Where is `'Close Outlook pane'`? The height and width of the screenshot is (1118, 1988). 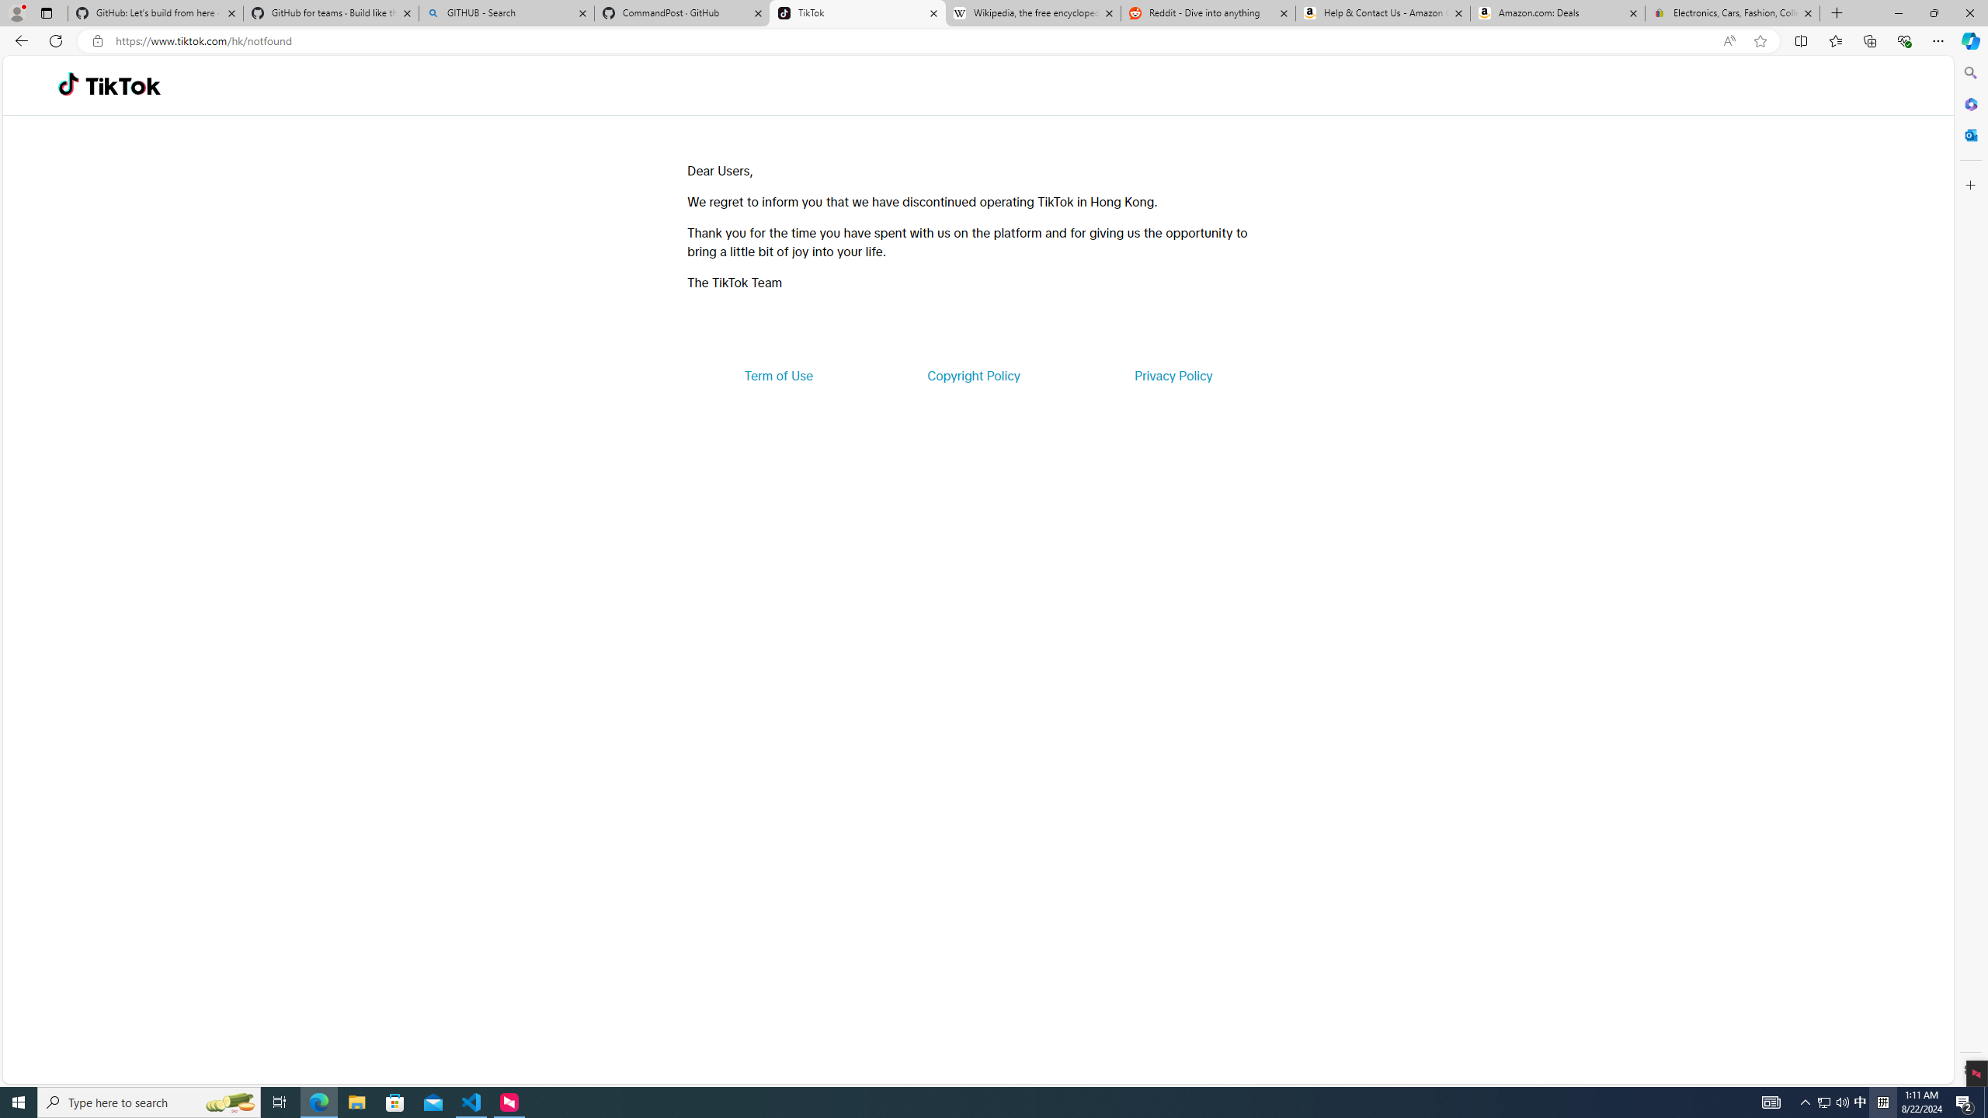 'Close Outlook pane' is located at coordinates (1969, 134).